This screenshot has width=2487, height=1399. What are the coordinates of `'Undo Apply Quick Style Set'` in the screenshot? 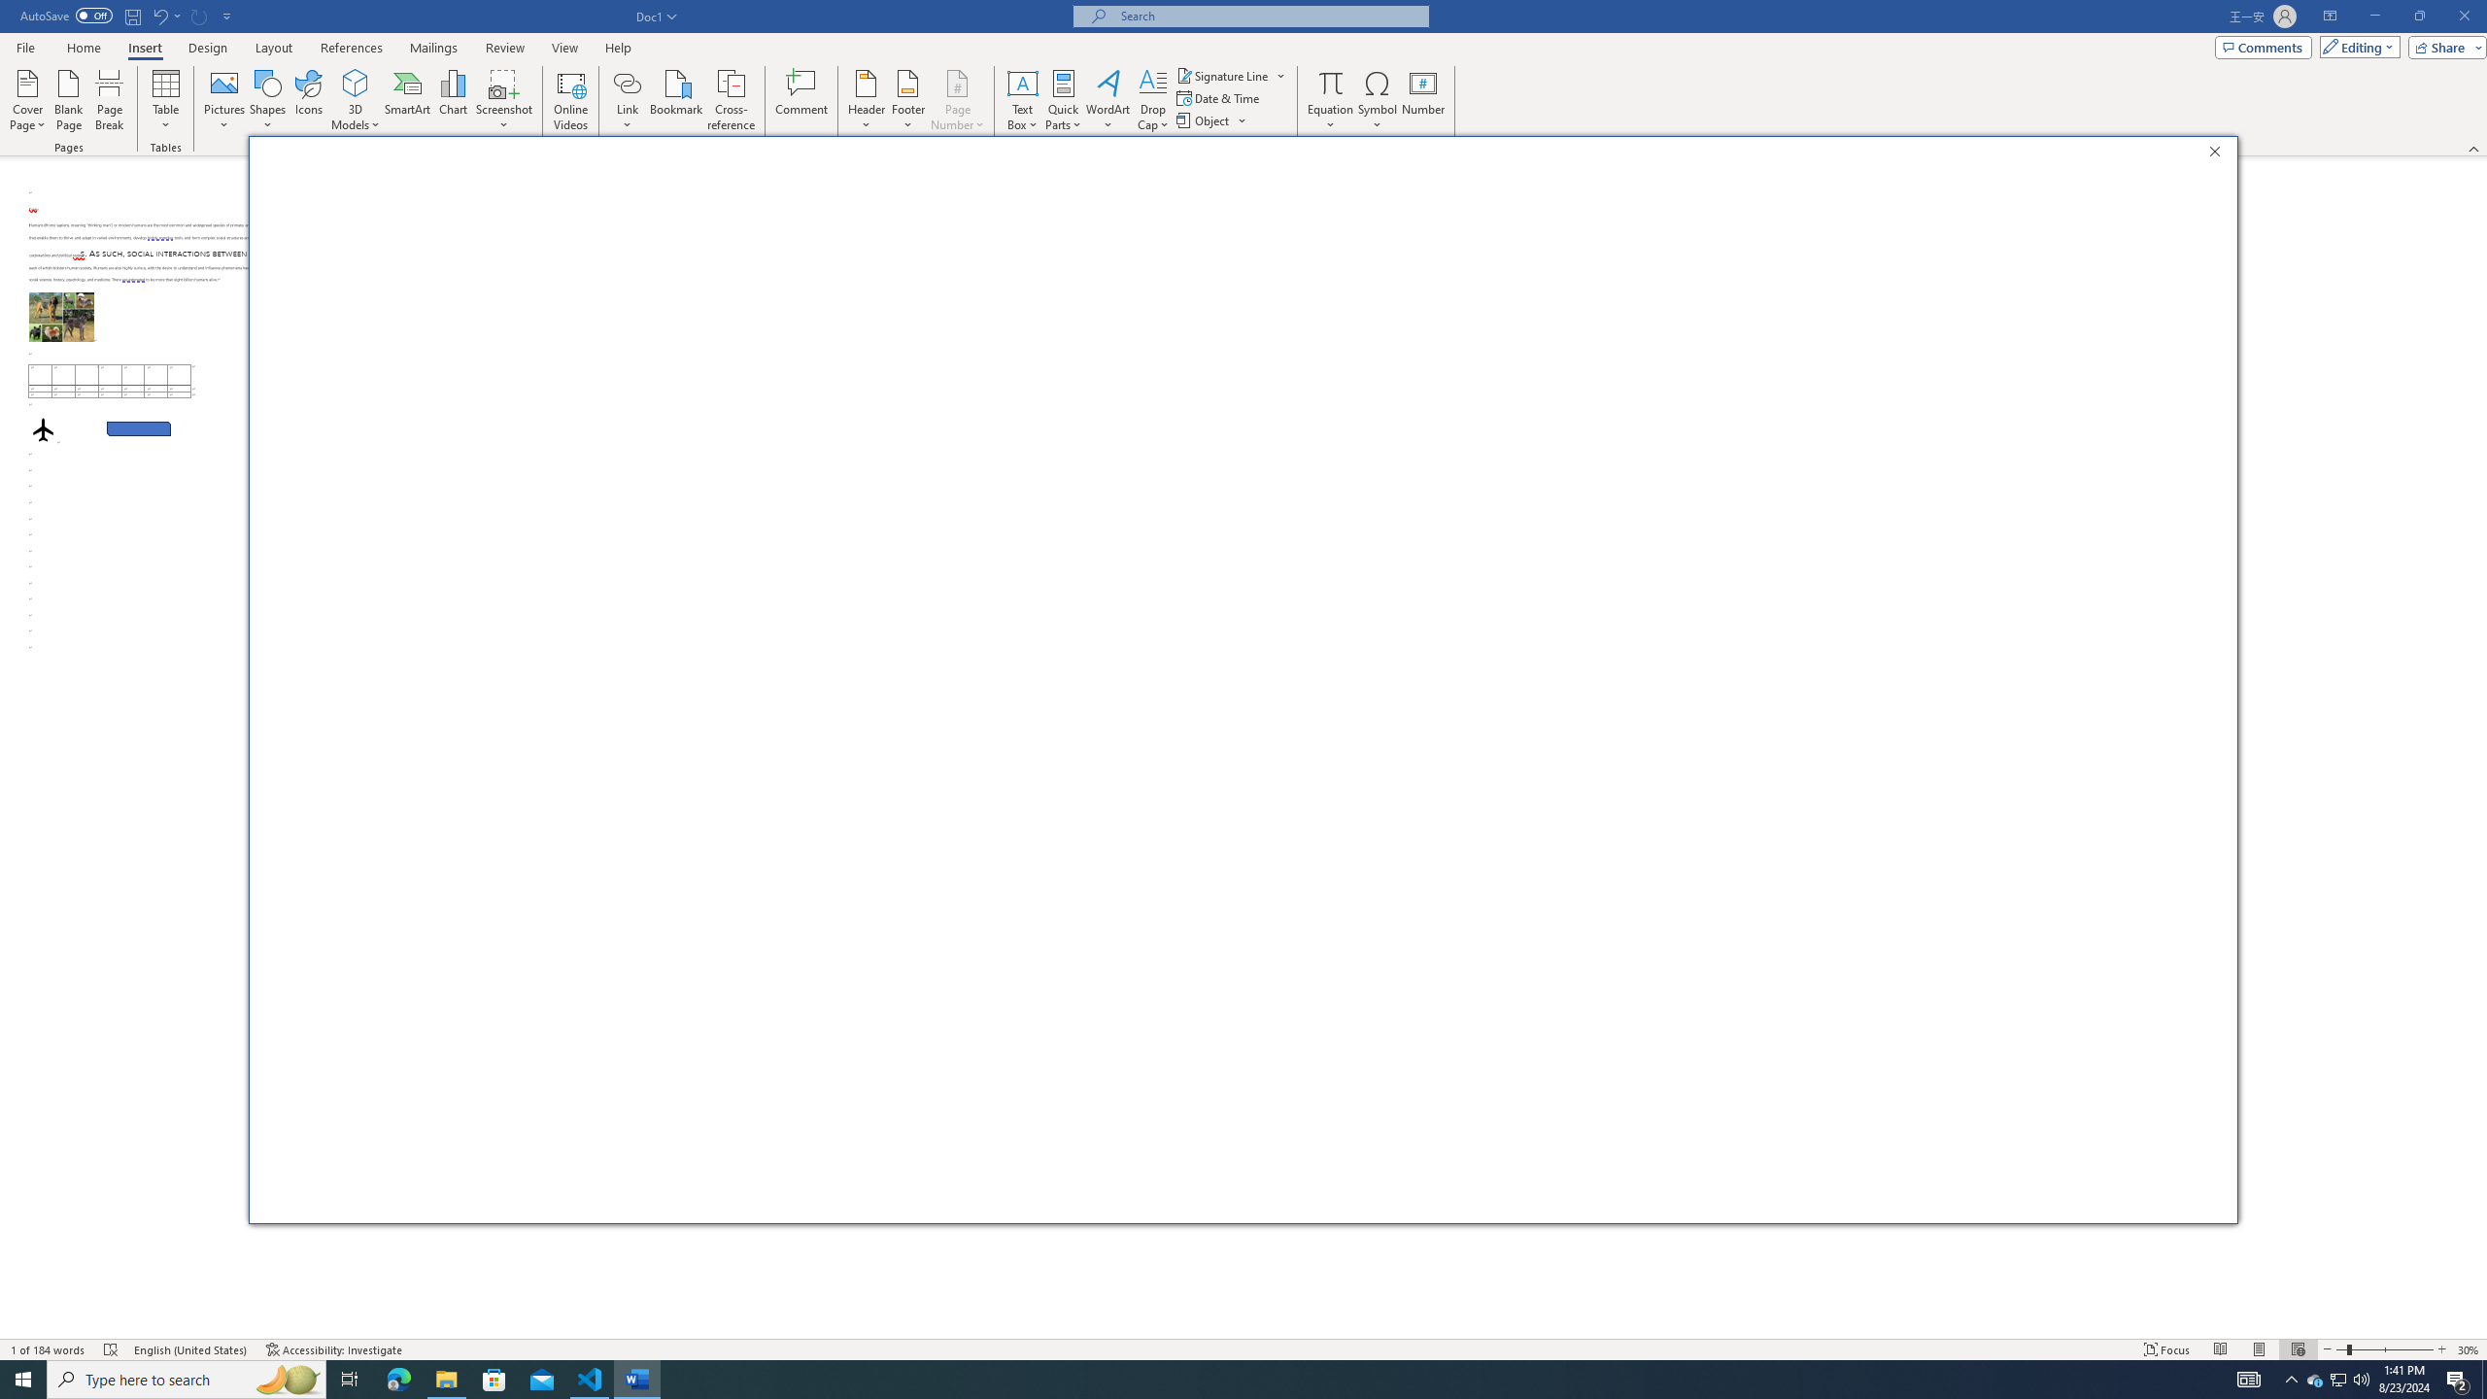 It's located at (158, 15).